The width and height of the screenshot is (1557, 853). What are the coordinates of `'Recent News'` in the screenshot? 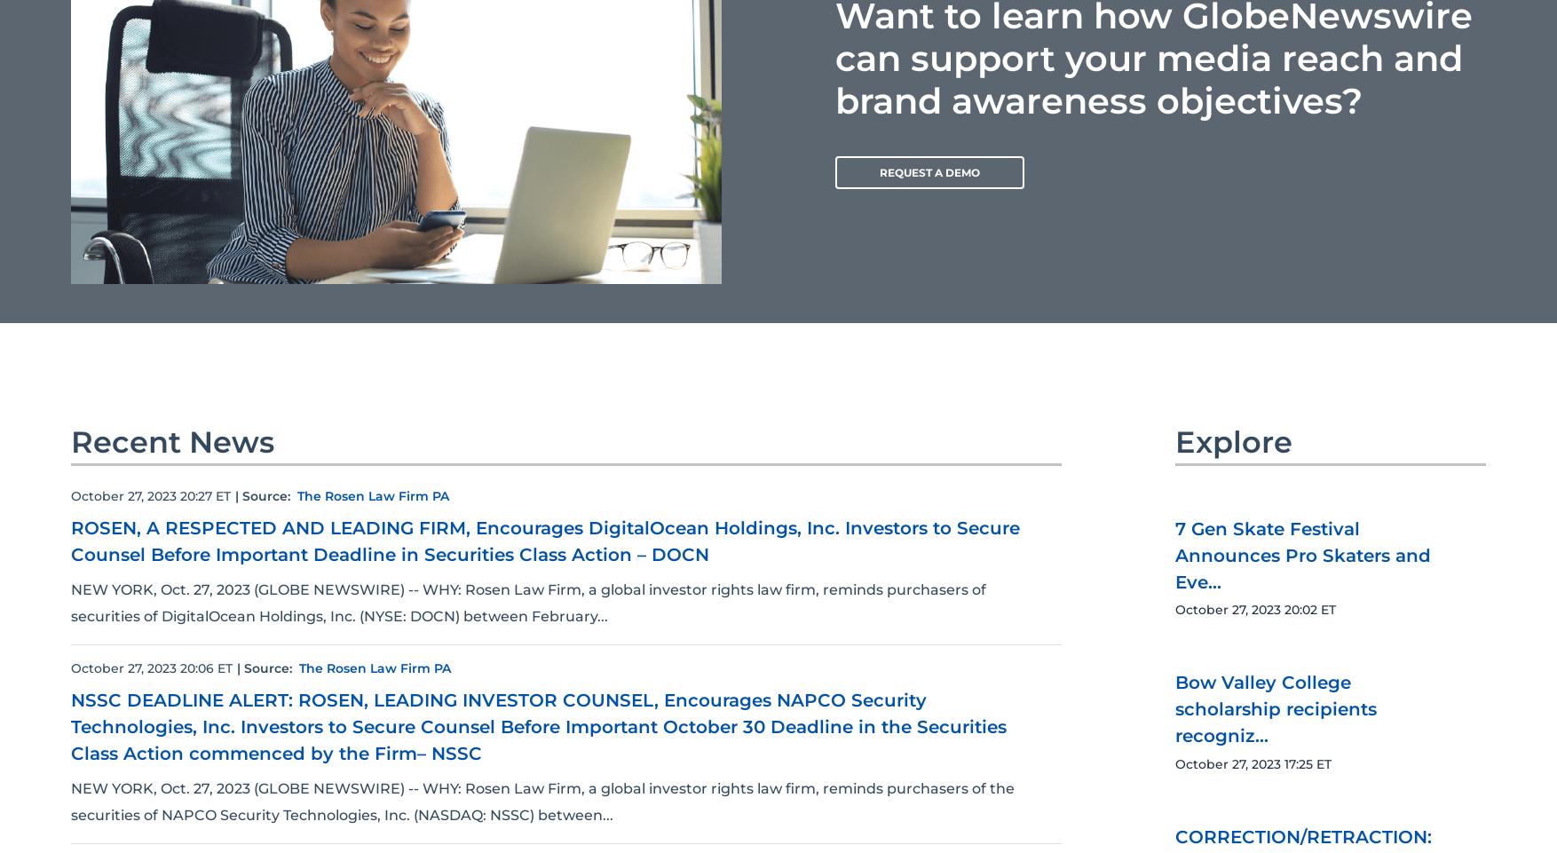 It's located at (172, 441).